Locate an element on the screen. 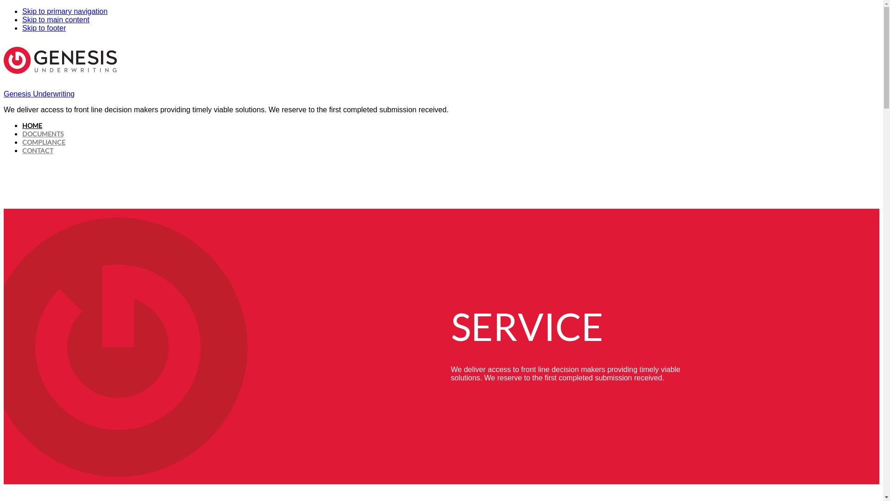  'Skip to main content' is located at coordinates (55, 19).